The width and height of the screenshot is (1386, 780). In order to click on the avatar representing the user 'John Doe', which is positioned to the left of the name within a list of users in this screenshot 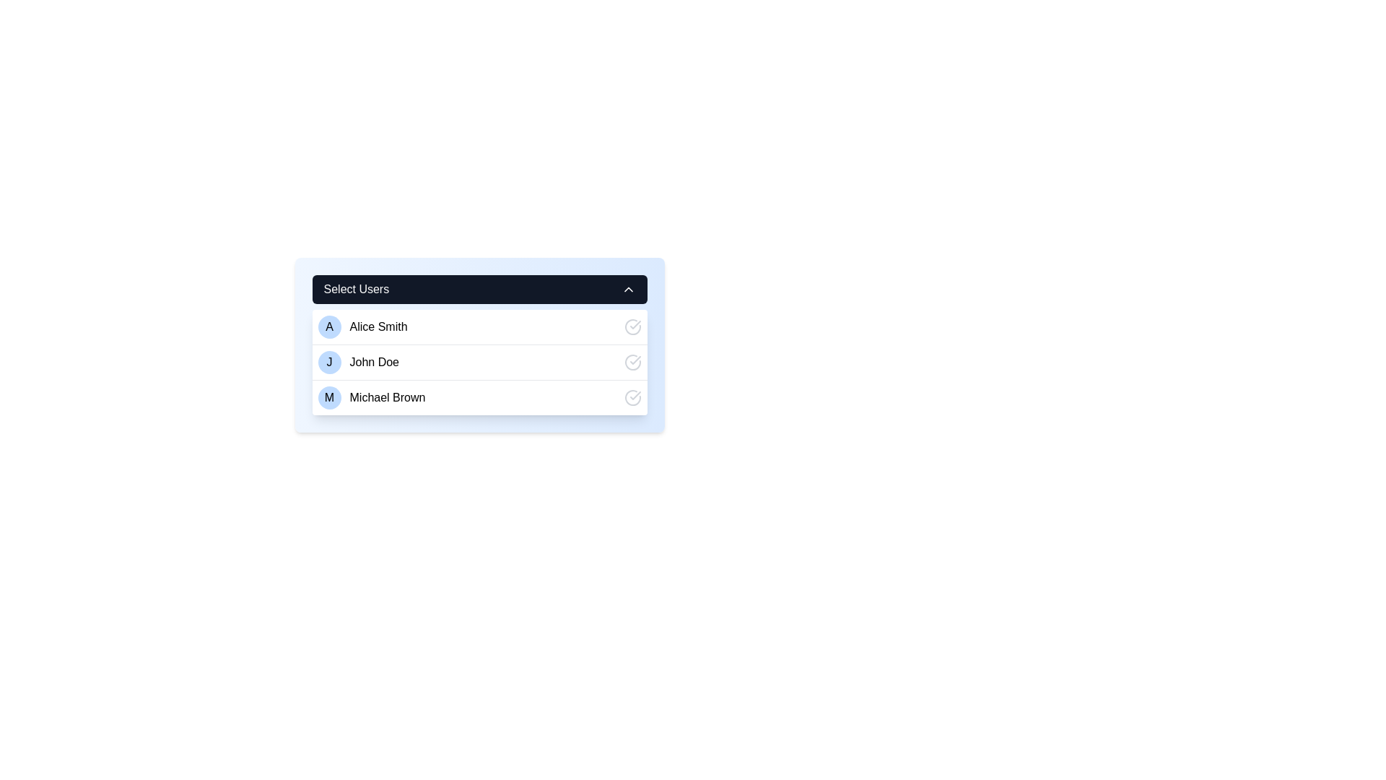, I will do `click(328, 361)`.